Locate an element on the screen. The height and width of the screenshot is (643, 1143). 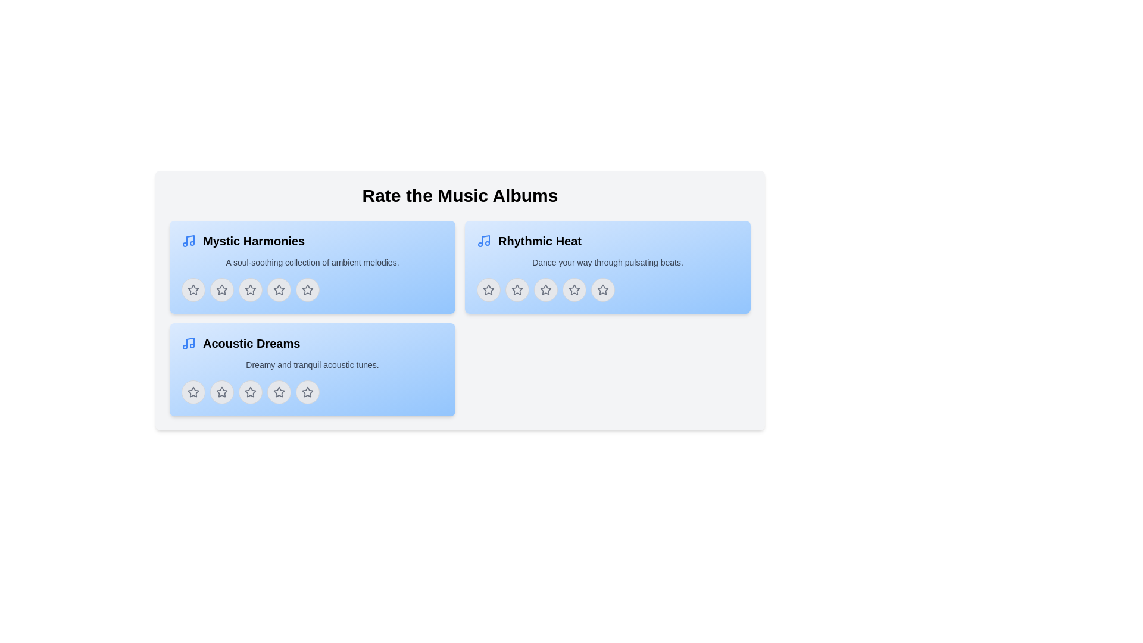
the fourth star in the middle row of the star-rating control to give a rating is located at coordinates (279, 289).